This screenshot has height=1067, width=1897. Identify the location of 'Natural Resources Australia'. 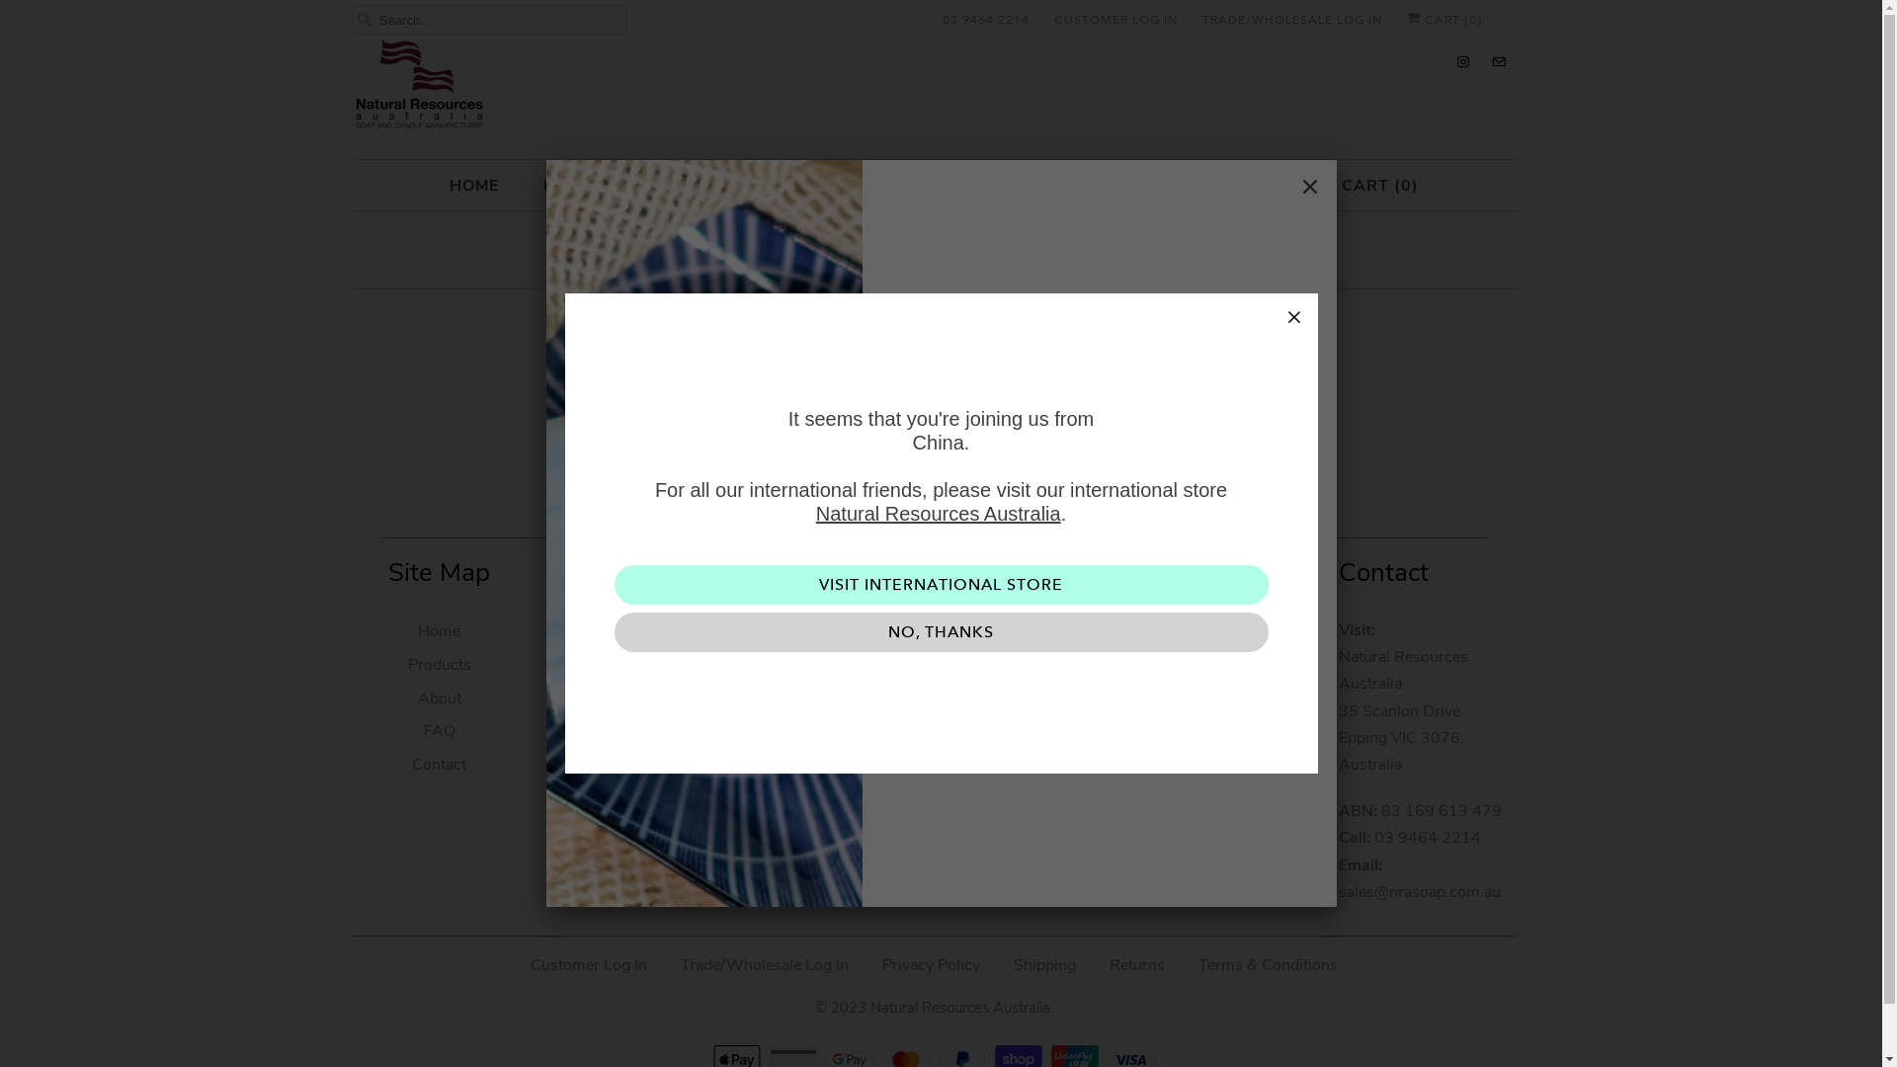
(958, 1000).